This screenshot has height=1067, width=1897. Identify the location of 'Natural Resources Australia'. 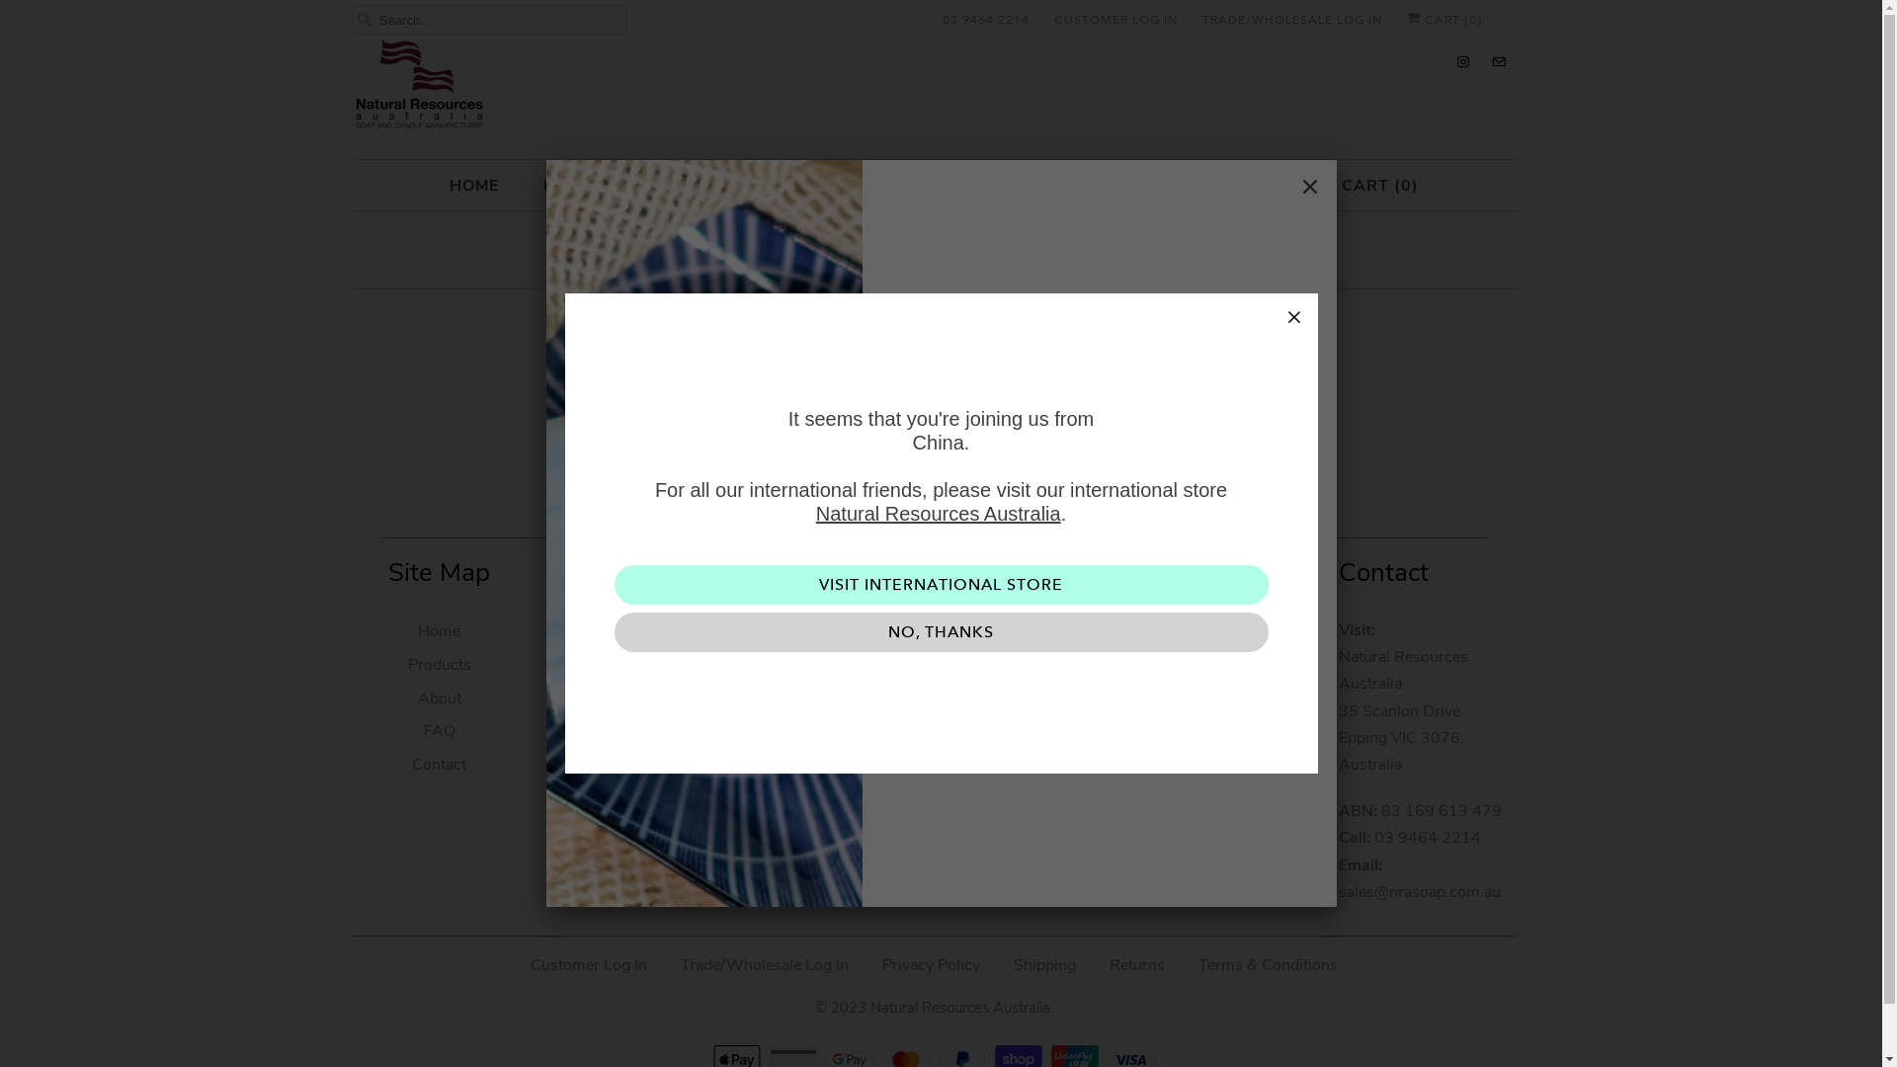
(958, 1000).